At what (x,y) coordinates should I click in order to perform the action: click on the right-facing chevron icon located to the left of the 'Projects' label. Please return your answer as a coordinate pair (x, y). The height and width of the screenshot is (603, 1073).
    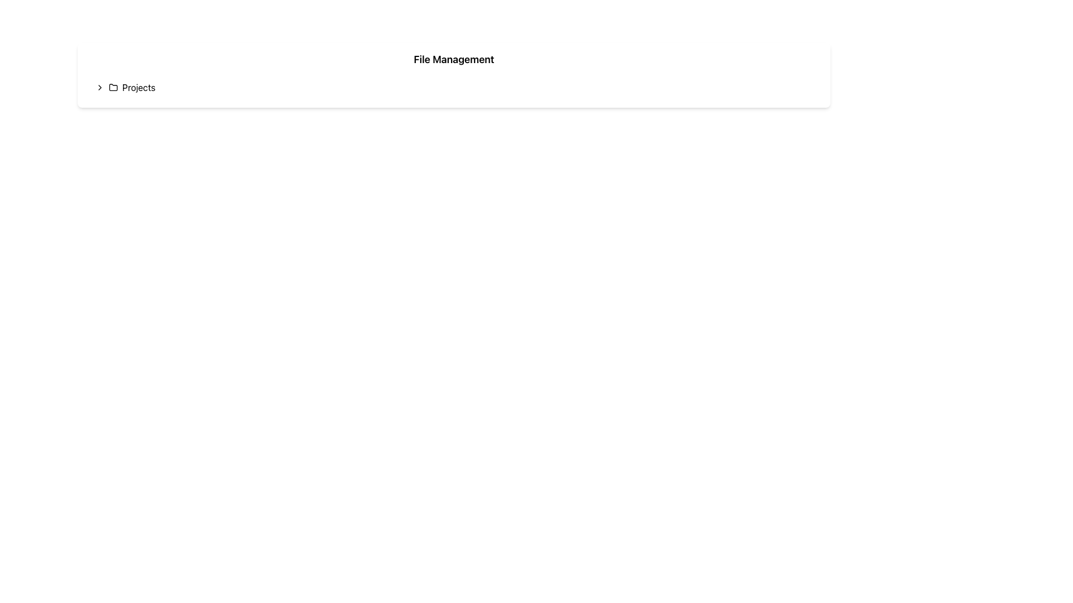
    Looking at the image, I should click on (99, 87).